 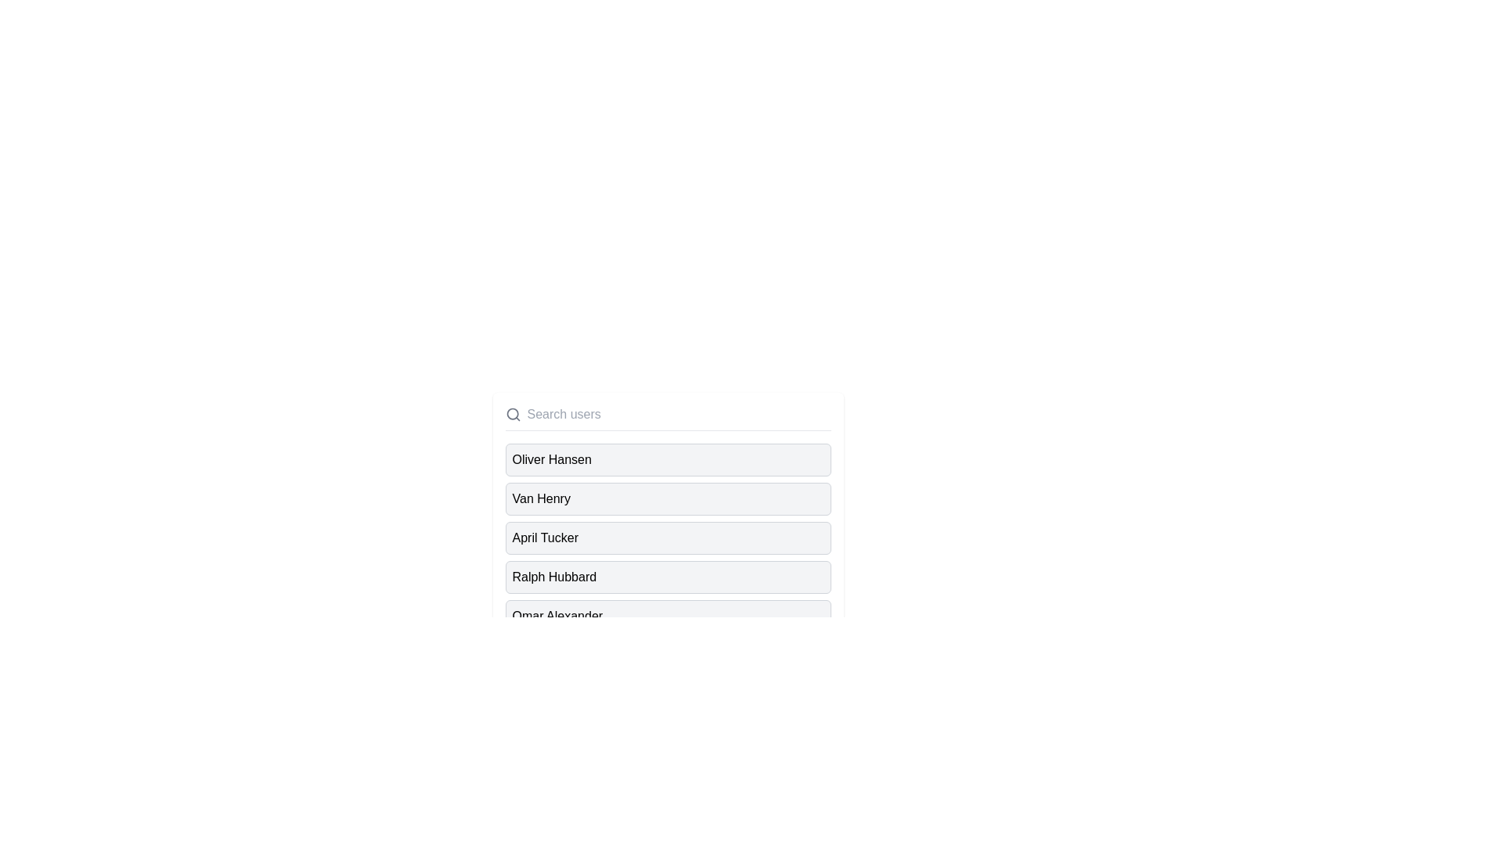 I want to click on the fourth item in the user selection list, so click(x=554, y=577).